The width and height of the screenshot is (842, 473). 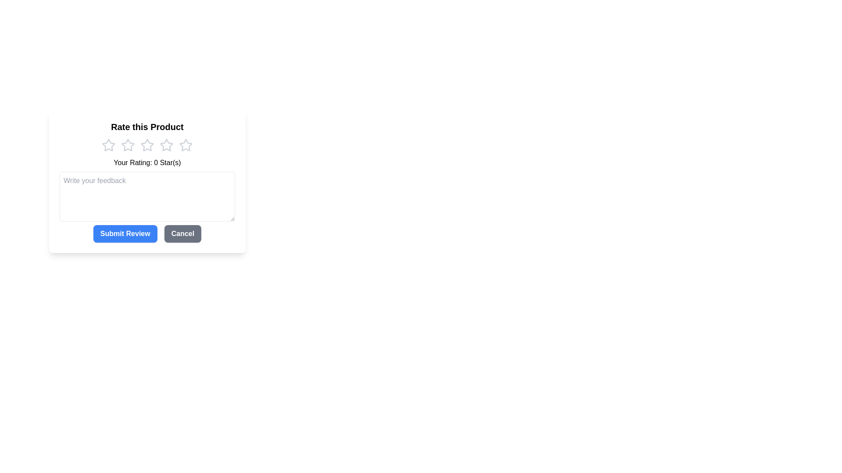 What do you see at coordinates (166, 145) in the screenshot?
I see `the third star icon in the rating system to assign a three-star rating to the product` at bounding box center [166, 145].